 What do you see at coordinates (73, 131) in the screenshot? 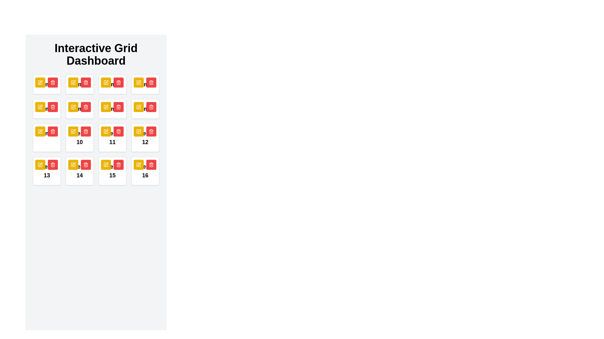
I see `the edit button located in the bottom-left of tile 10` at bounding box center [73, 131].